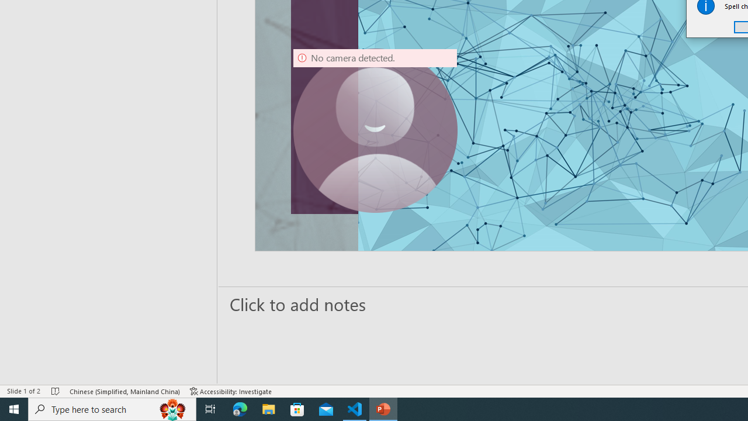  What do you see at coordinates (240, 408) in the screenshot?
I see `'Microsoft Edge'` at bounding box center [240, 408].